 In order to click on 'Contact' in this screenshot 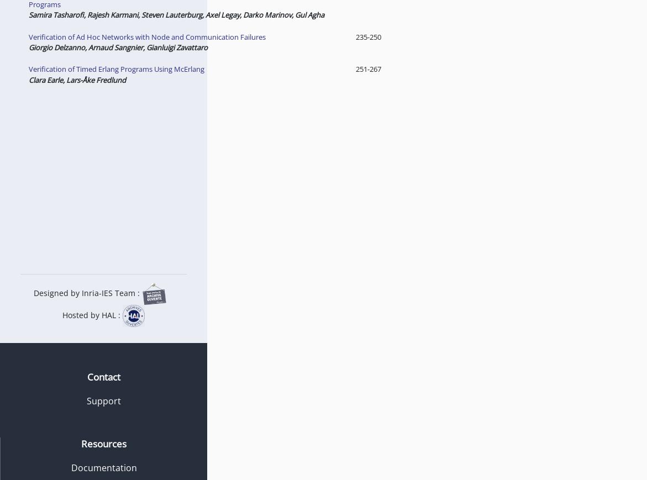, I will do `click(103, 376)`.